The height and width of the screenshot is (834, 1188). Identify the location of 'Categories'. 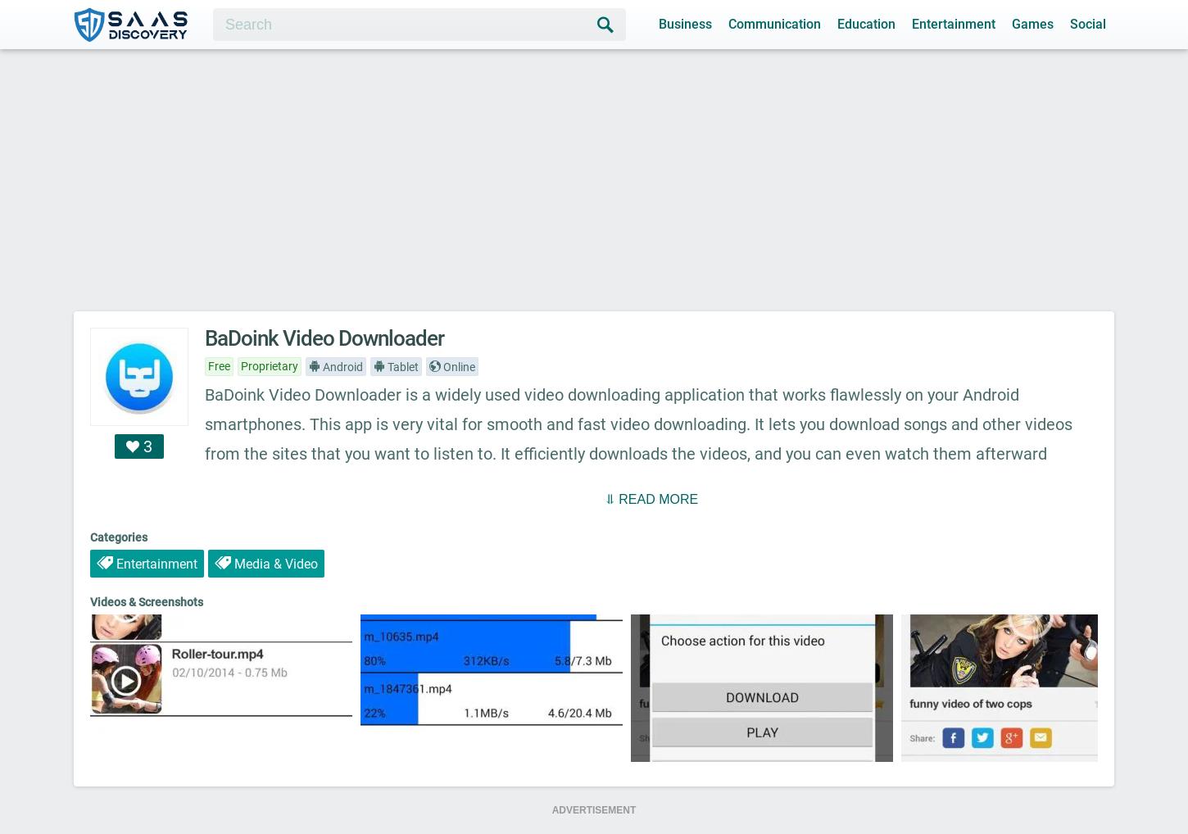
(118, 536).